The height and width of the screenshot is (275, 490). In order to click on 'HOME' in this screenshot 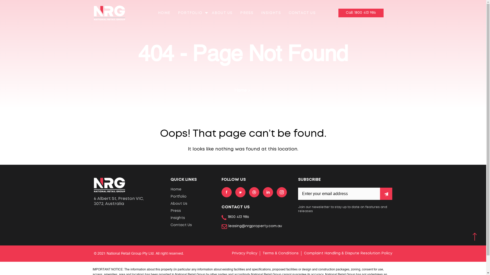, I will do `click(164, 12)`.